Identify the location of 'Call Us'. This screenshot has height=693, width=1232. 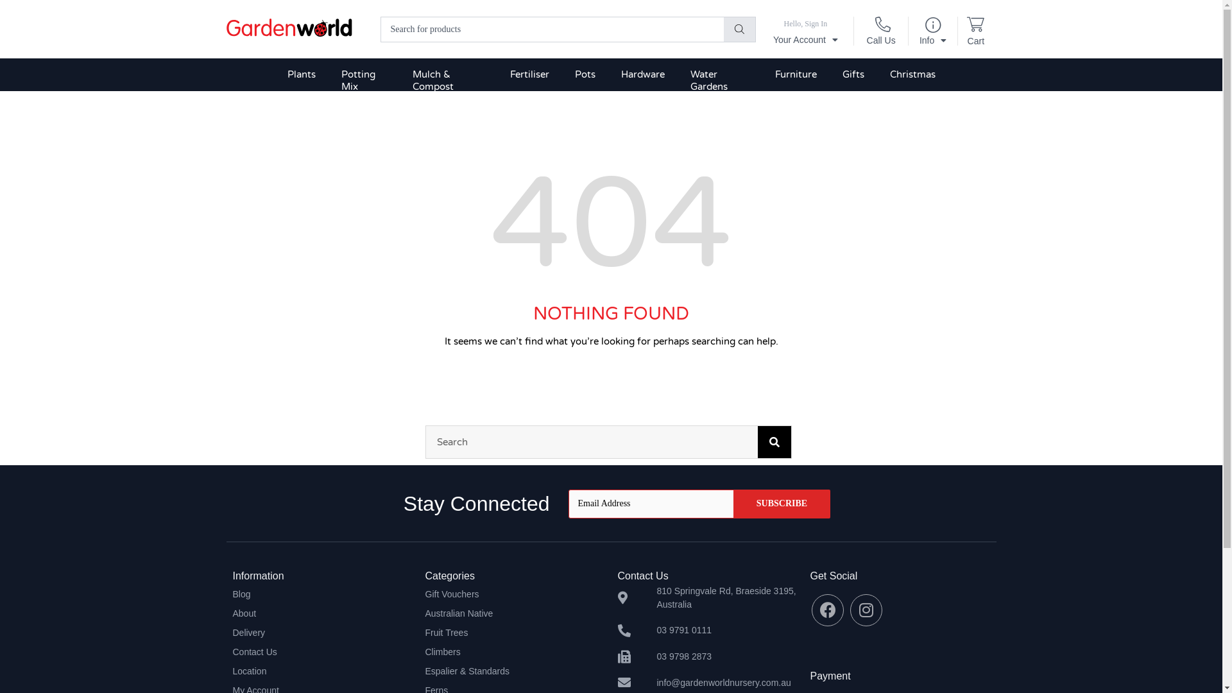
(880, 35).